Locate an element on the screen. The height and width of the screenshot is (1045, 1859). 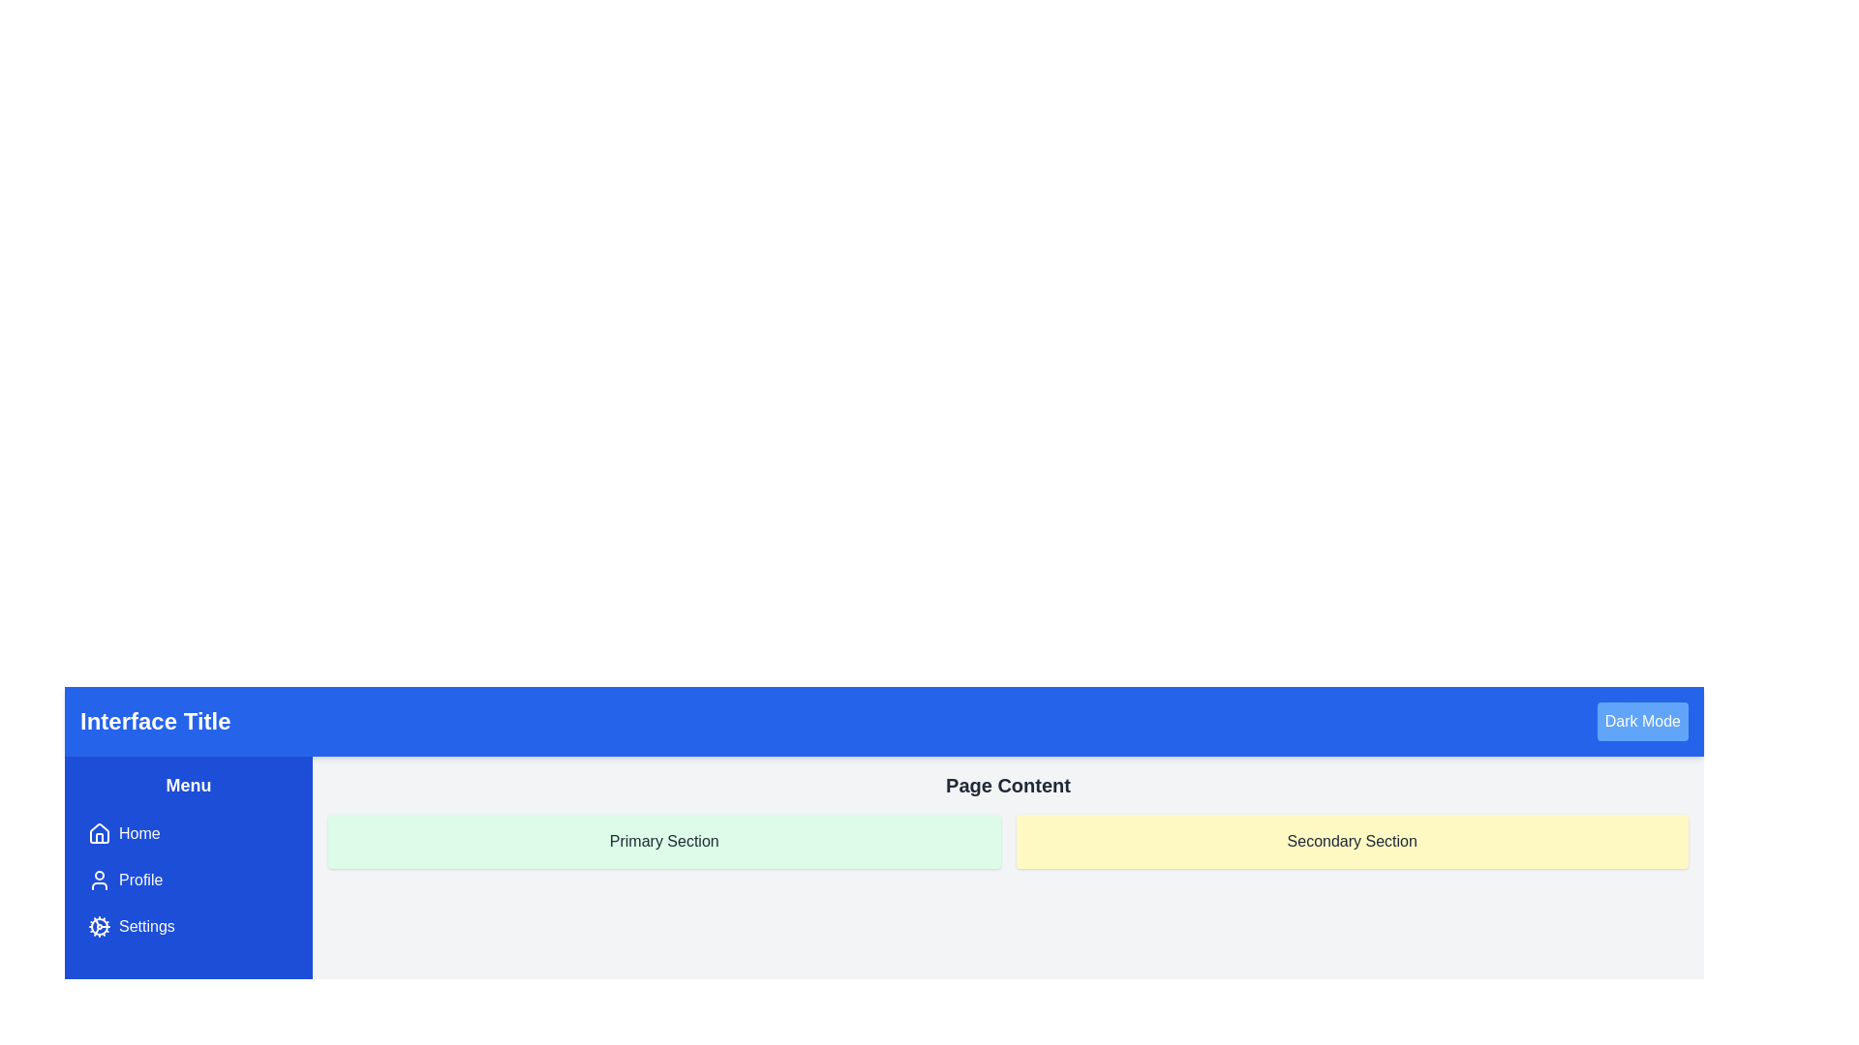
the Text Label (Header) that reads 'Page Content', which is centrally aligned above the 'Primary Section' and 'Secondary Section' is located at coordinates (1007, 786).